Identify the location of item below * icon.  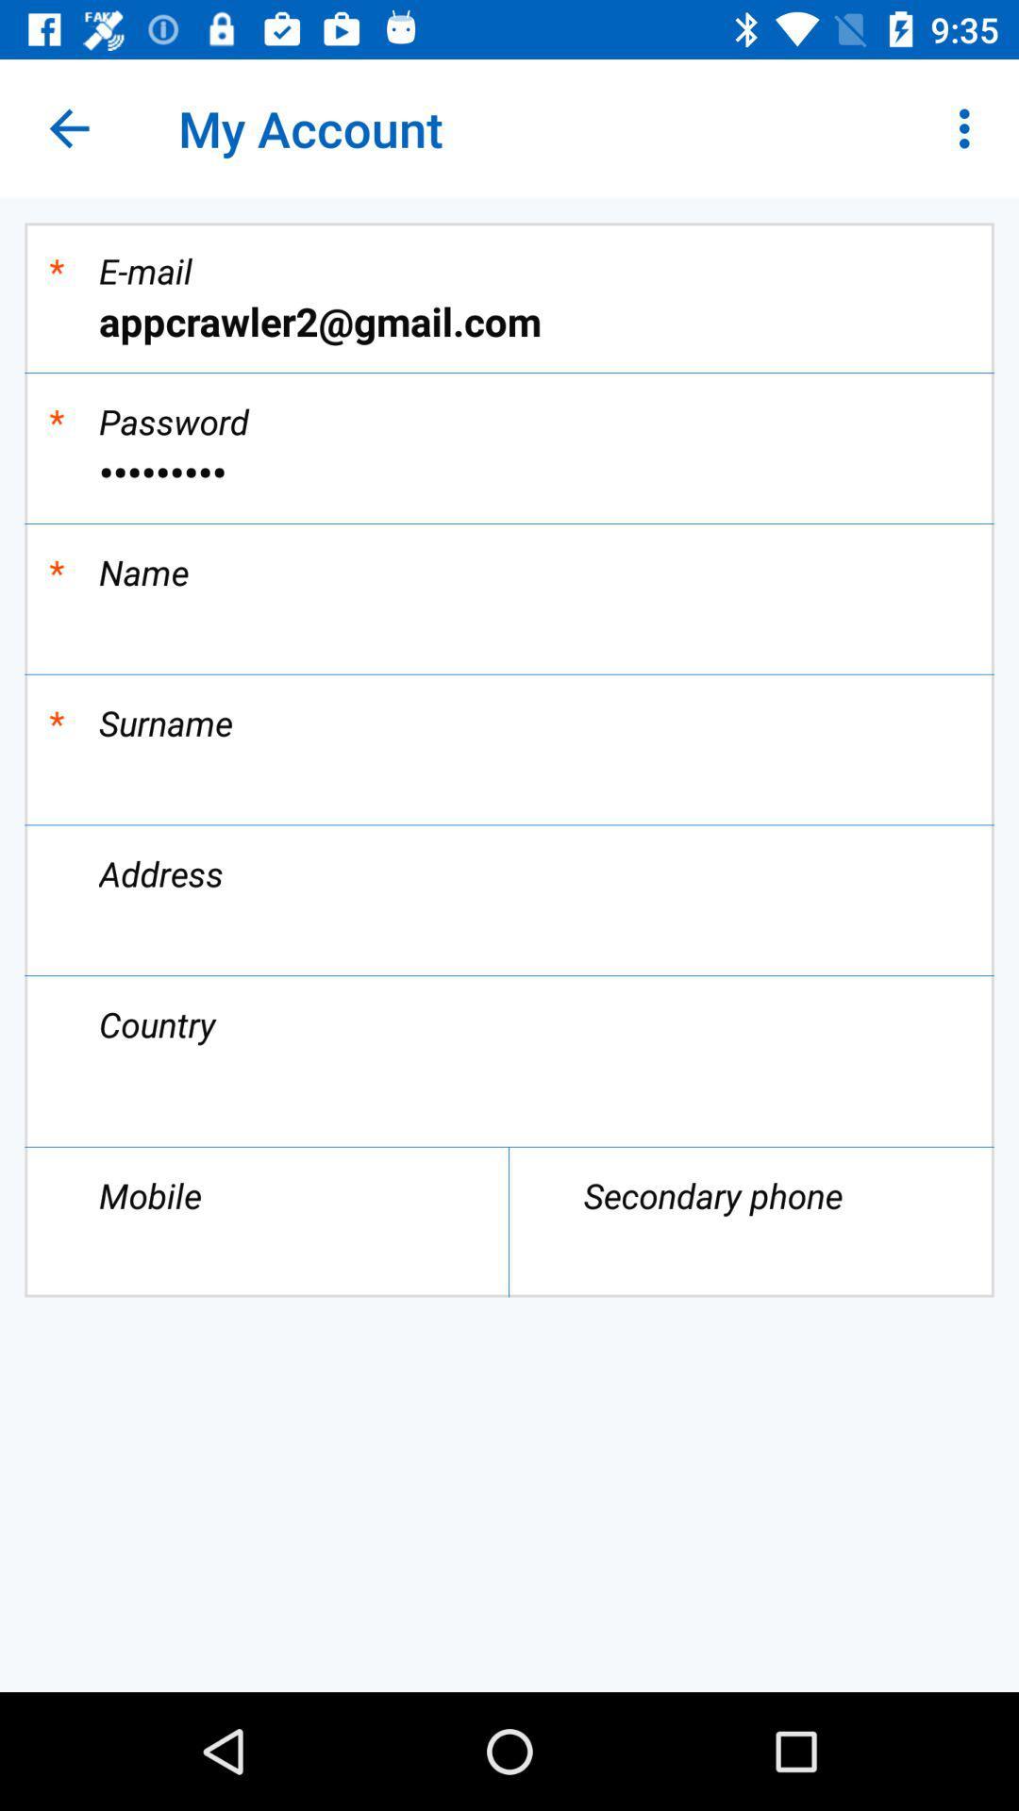
(509, 472).